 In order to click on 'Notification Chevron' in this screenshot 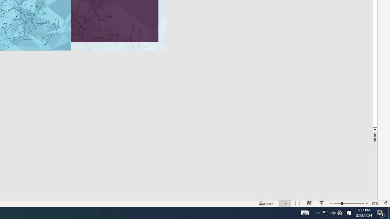, I will do `click(318, 212)`.